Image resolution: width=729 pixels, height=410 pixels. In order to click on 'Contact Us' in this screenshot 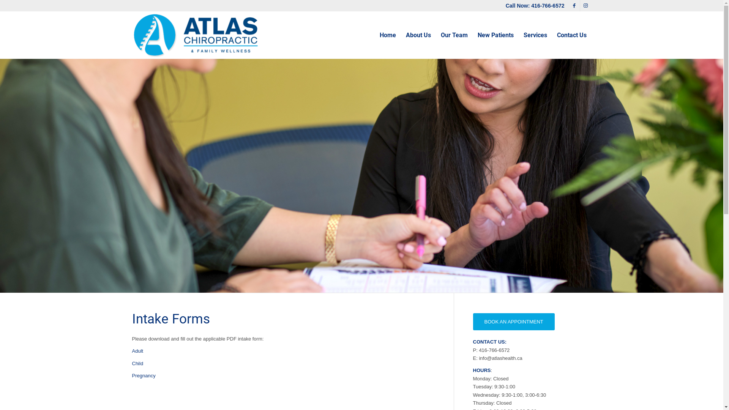, I will do `click(572, 35)`.